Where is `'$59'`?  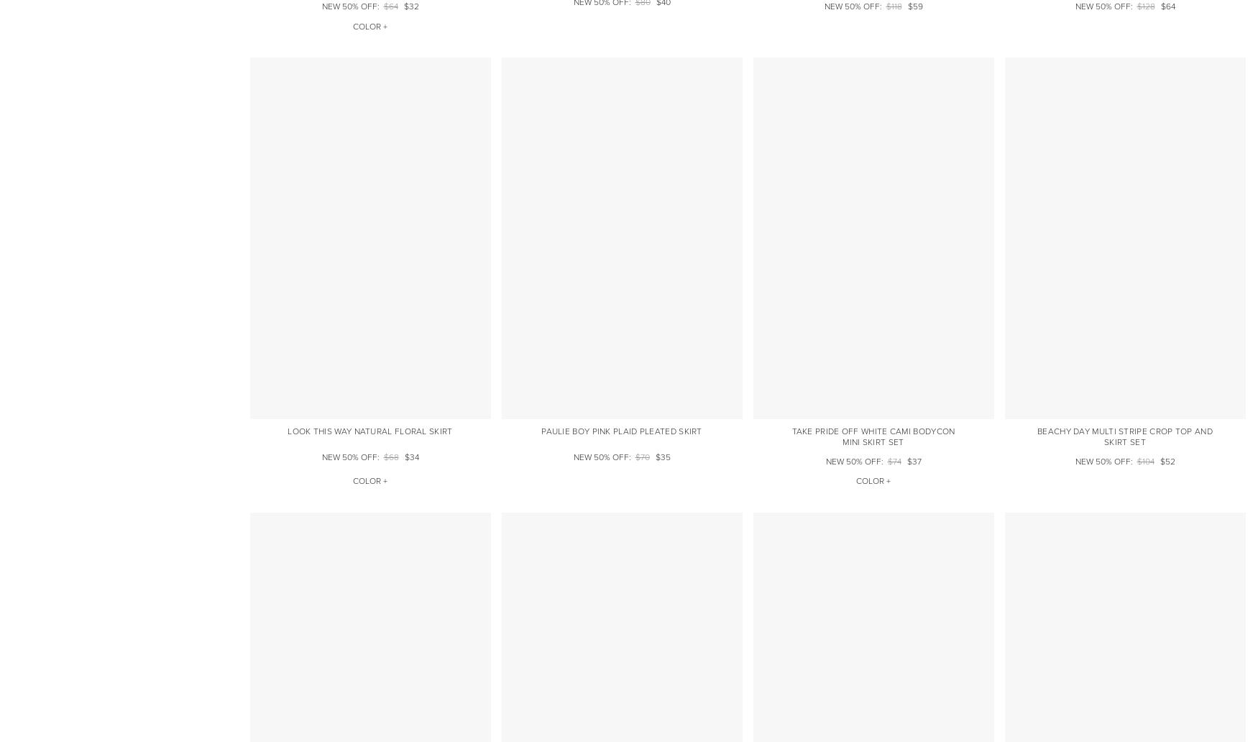 '$59' is located at coordinates (914, 6).